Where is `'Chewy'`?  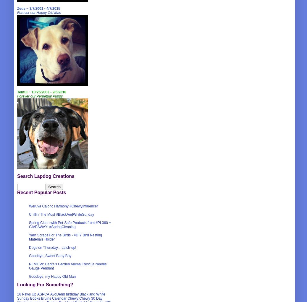 'Chewy' is located at coordinates (72, 298).